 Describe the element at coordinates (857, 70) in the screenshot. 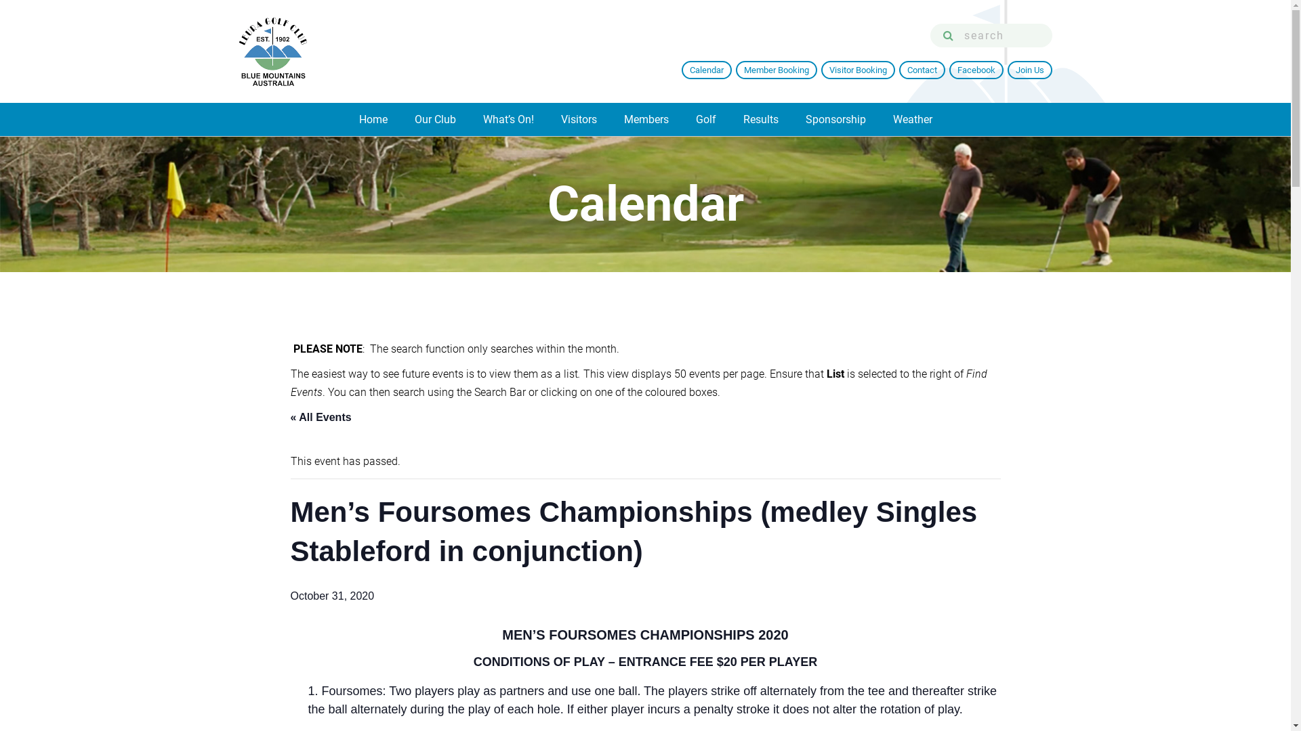

I see `'Visitor Booking'` at that location.